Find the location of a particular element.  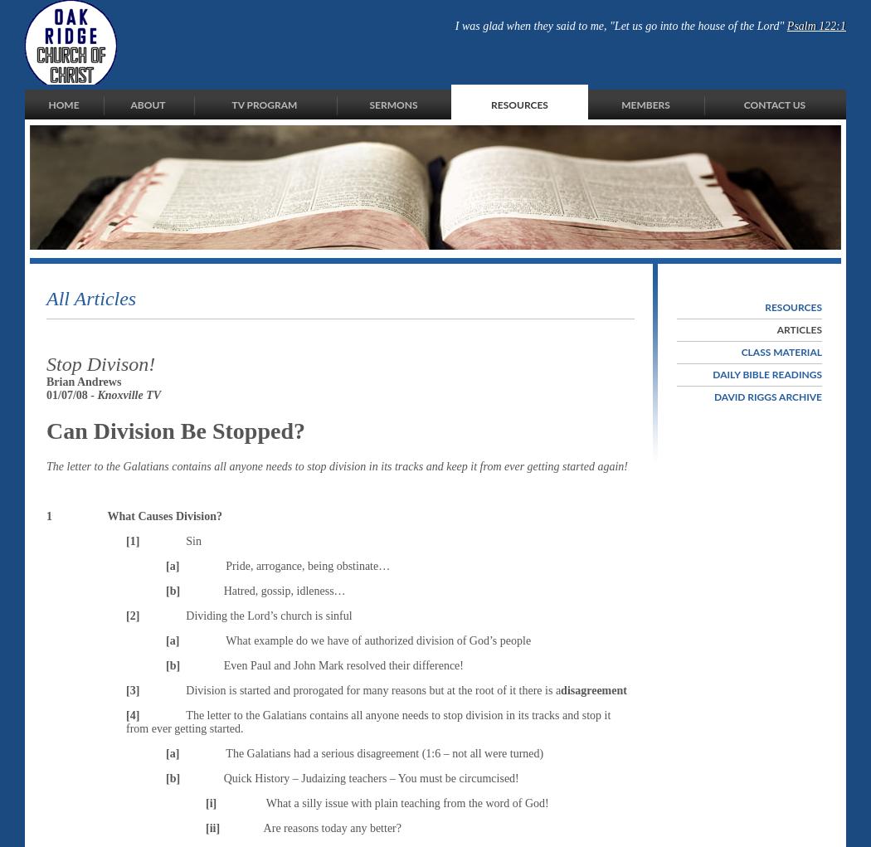

'Dividing the Lord’s church is sinful' is located at coordinates (269, 614).